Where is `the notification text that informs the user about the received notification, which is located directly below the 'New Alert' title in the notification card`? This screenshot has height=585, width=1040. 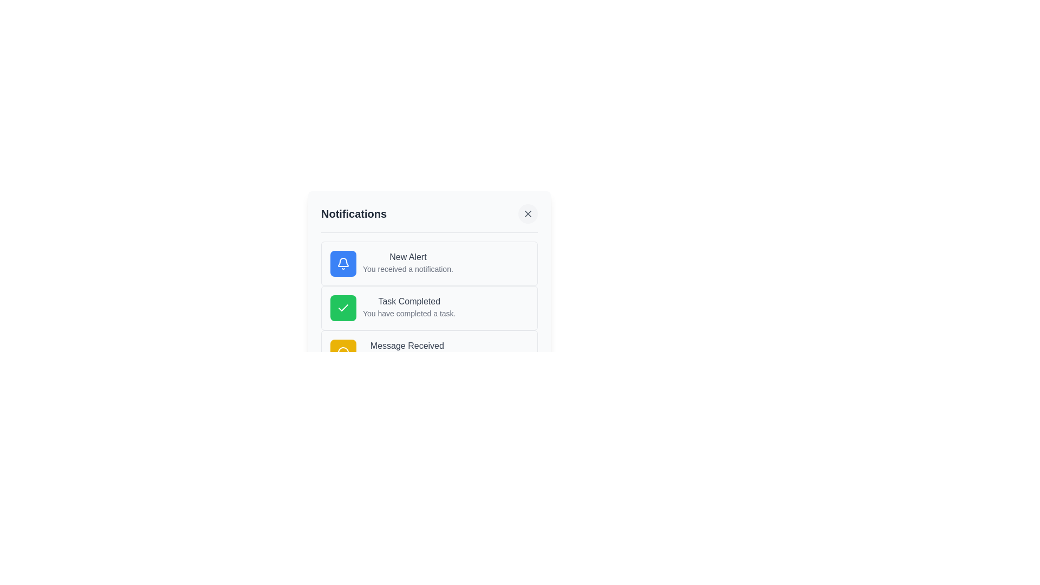
the notification text that informs the user about the received notification, which is located directly below the 'New Alert' title in the notification card is located at coordinates (407, 269).